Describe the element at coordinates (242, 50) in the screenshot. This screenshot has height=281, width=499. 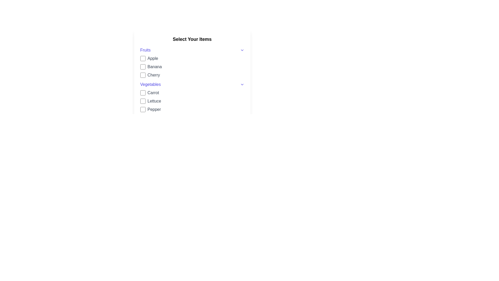
I see `the small downward arrow icon located at the far right of the 'Fruits' label` at that location.